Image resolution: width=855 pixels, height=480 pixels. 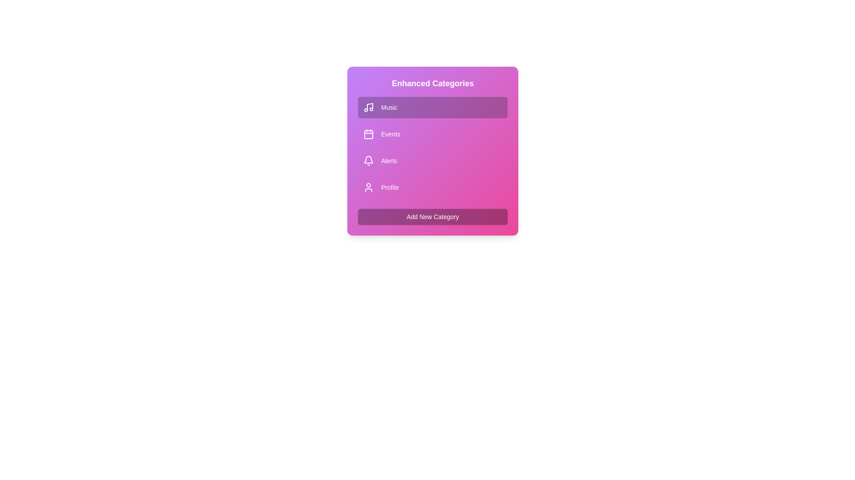 What do you see at coordinates (432, 187) in the screenshot?
I see `the category Profile to observe the hover effect` at bounding box center [432, 187].